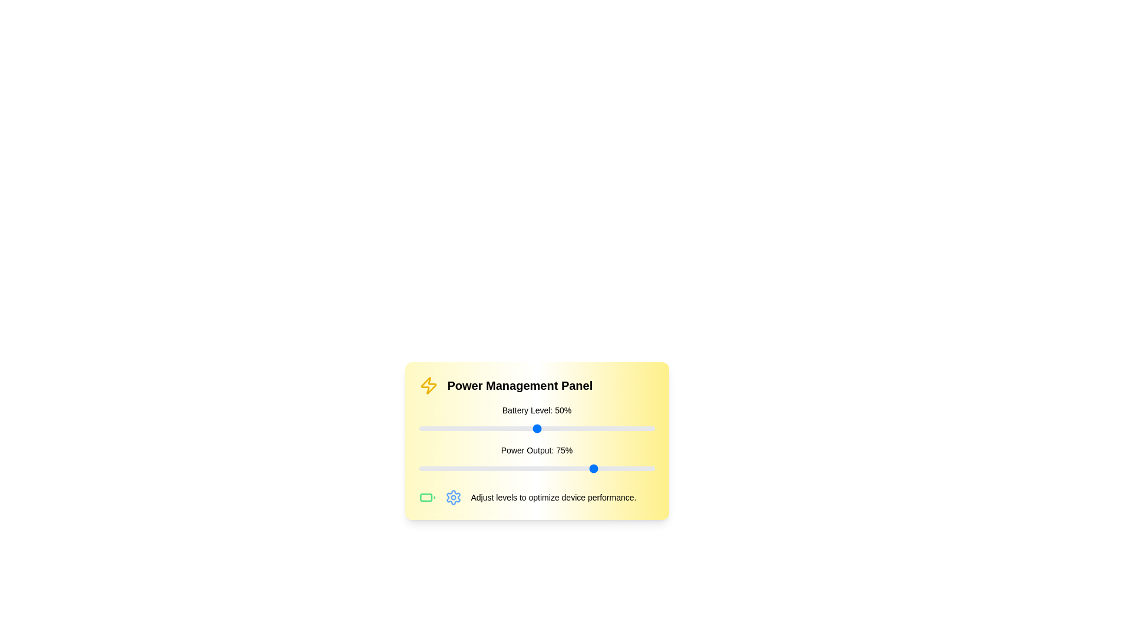 Image resolution: width=1131 pixels, height=636 pixels. What do you see at coordinates (430, 468) in the screenshot?
I see `the 'Power Output' slider to 5%` at bounding box center [430, 468].